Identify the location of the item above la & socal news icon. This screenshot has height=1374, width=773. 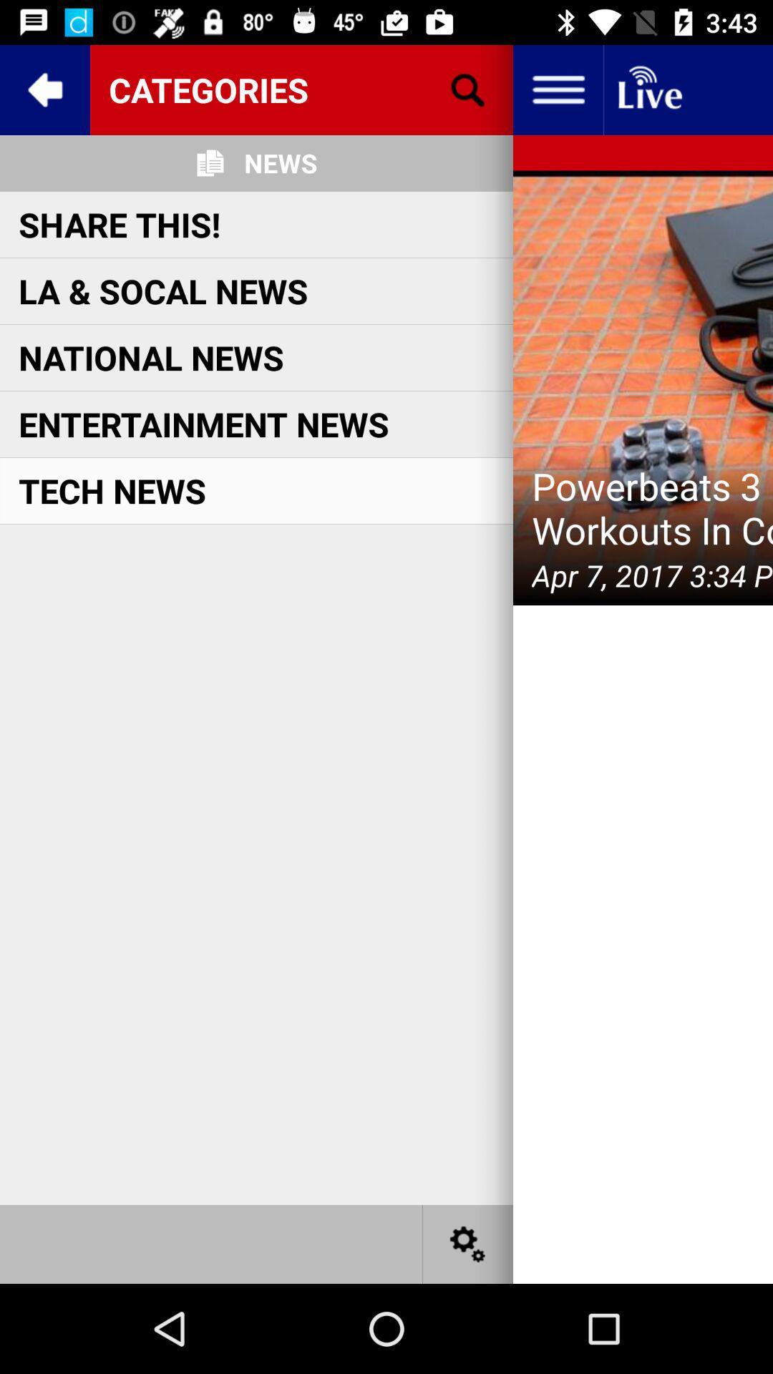
(119, 223).